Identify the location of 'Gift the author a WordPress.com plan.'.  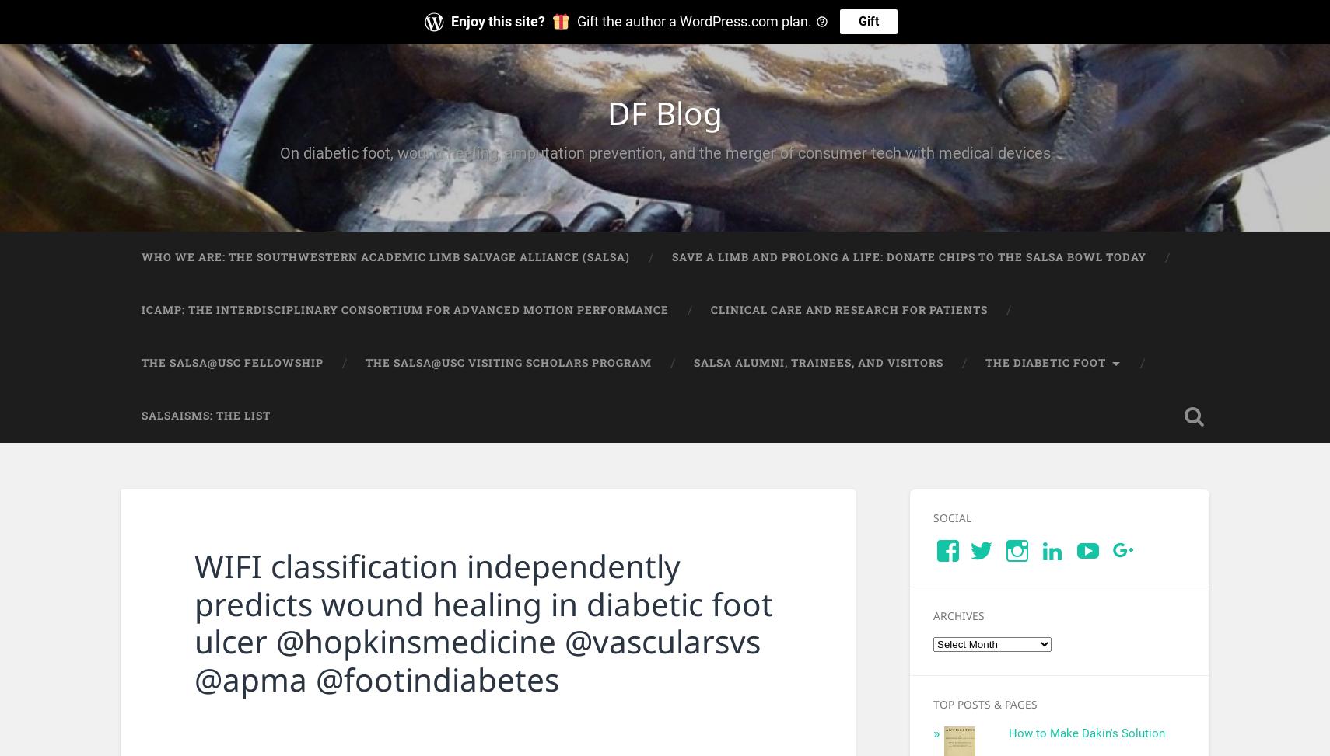
(576, 20).